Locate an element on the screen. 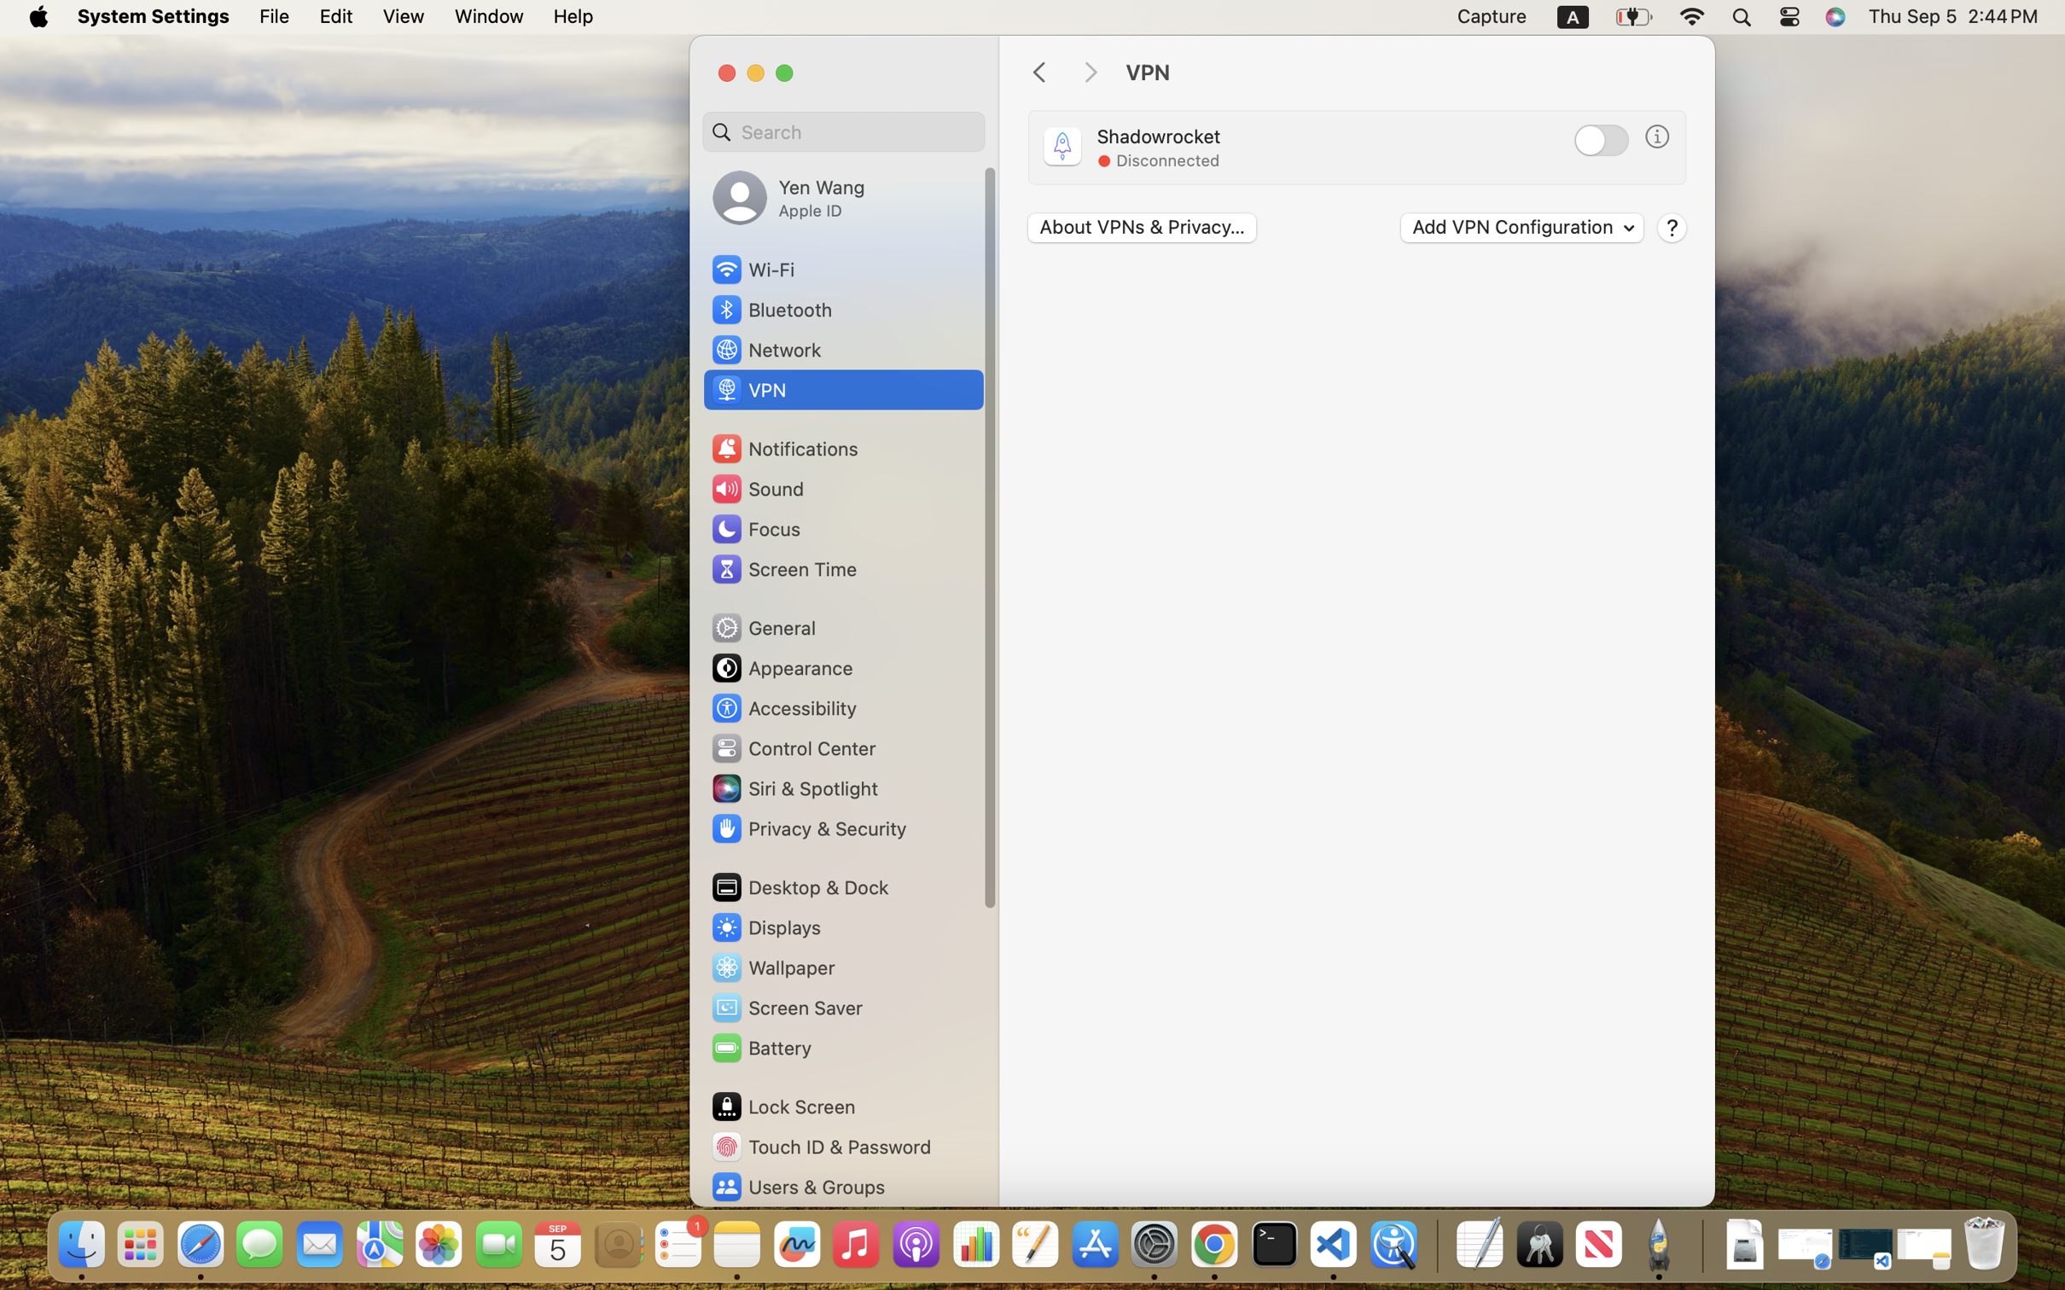  'Accessibility' is located at coordinates (783, 708).